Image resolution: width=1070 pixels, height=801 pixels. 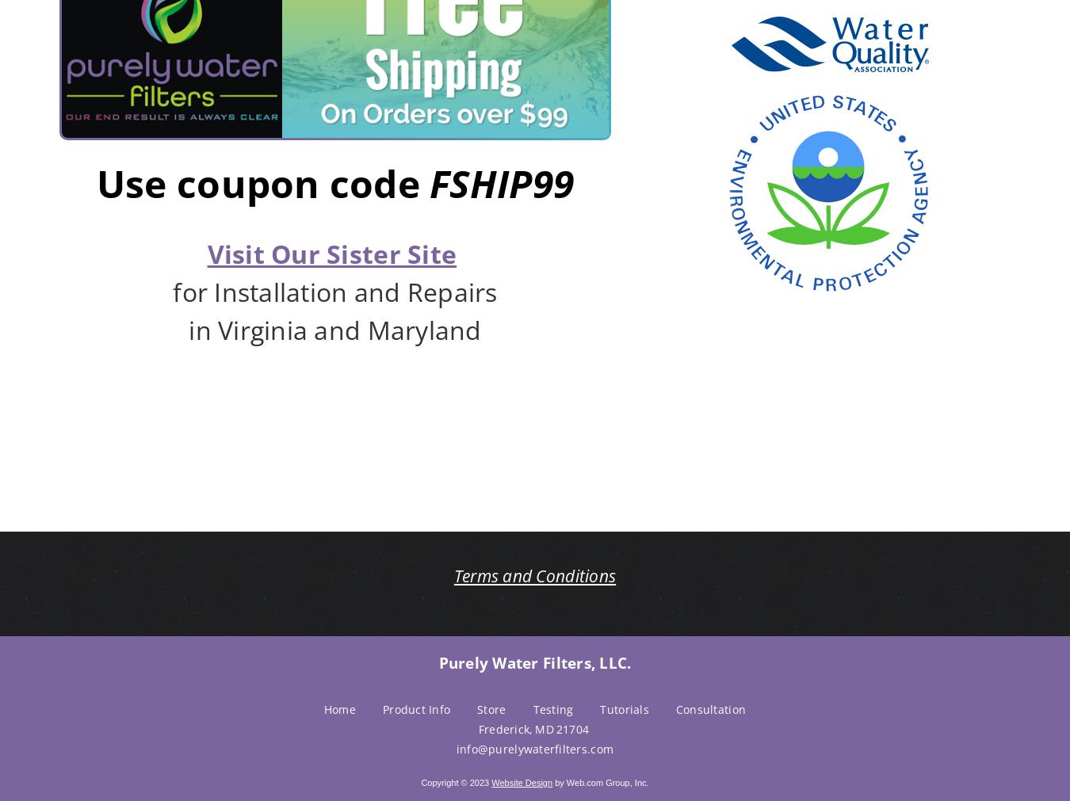 What do you see at coordinates (468, 782) in the screenshot?
I see `'2023'` at bounding box center [468, 782].